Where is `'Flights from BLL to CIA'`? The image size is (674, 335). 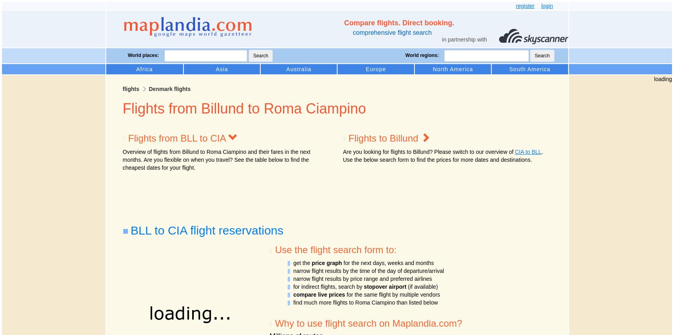 'Flights from BLL to CIA' is located at coordinates (178, 138).